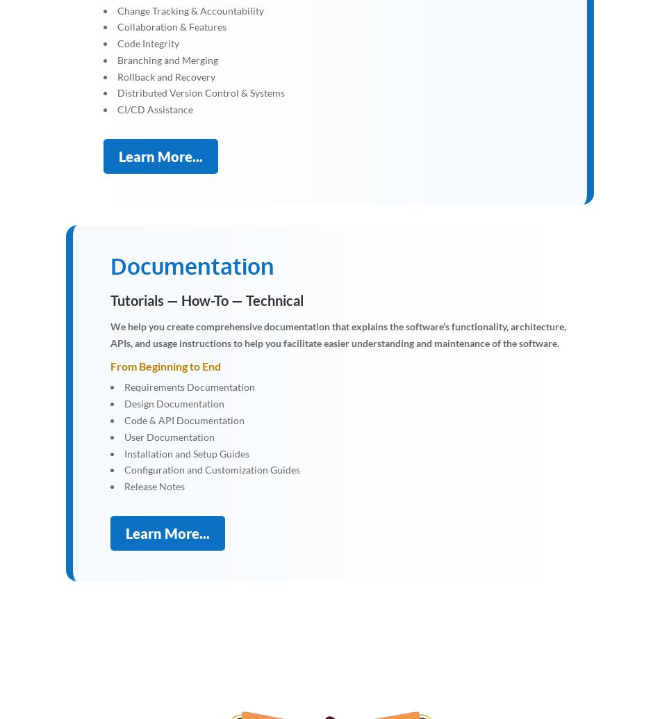 This screenshot has height=719, width=660. What do you see at coordinates (117, 26) in the screenshot?
I see `'Collaboration & Features'` at bounding box center [117, 26].